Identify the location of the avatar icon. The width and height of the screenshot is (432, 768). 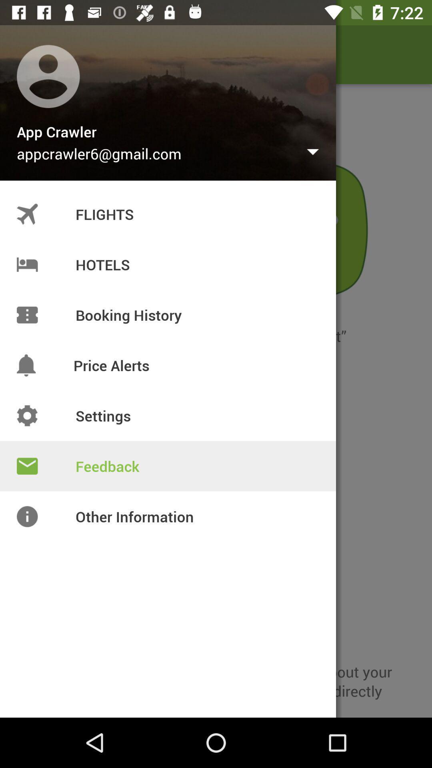
(29, 54).